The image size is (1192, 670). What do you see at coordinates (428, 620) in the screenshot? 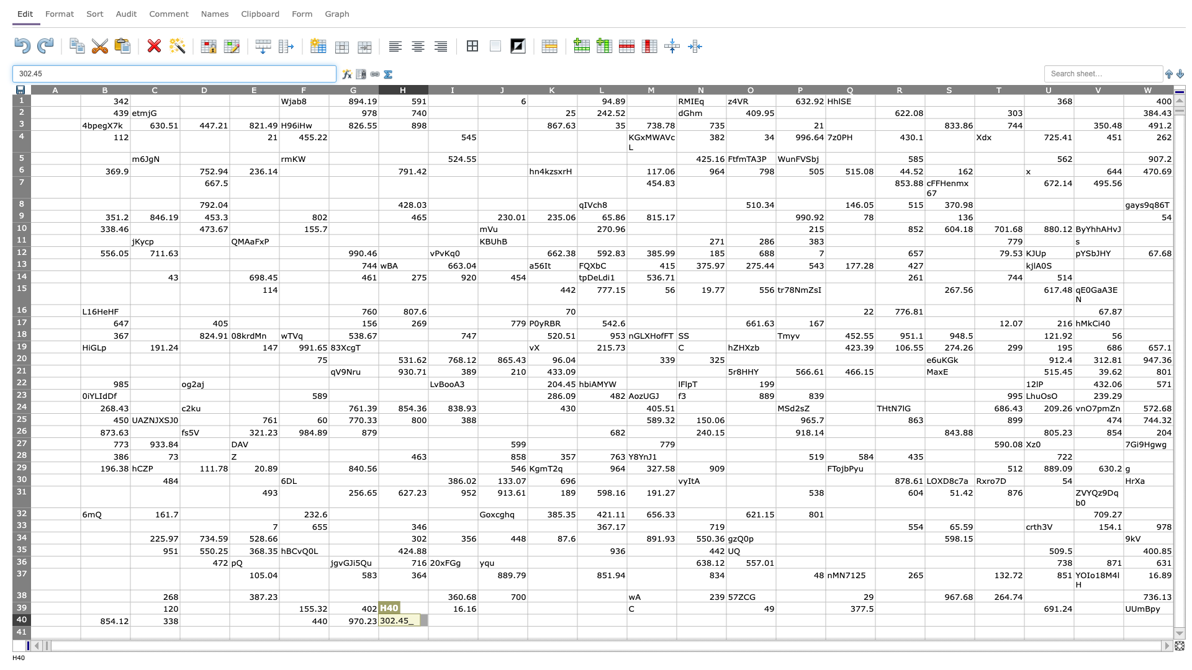
I see `Left edge at position I40` at bounding box center [428, 620].